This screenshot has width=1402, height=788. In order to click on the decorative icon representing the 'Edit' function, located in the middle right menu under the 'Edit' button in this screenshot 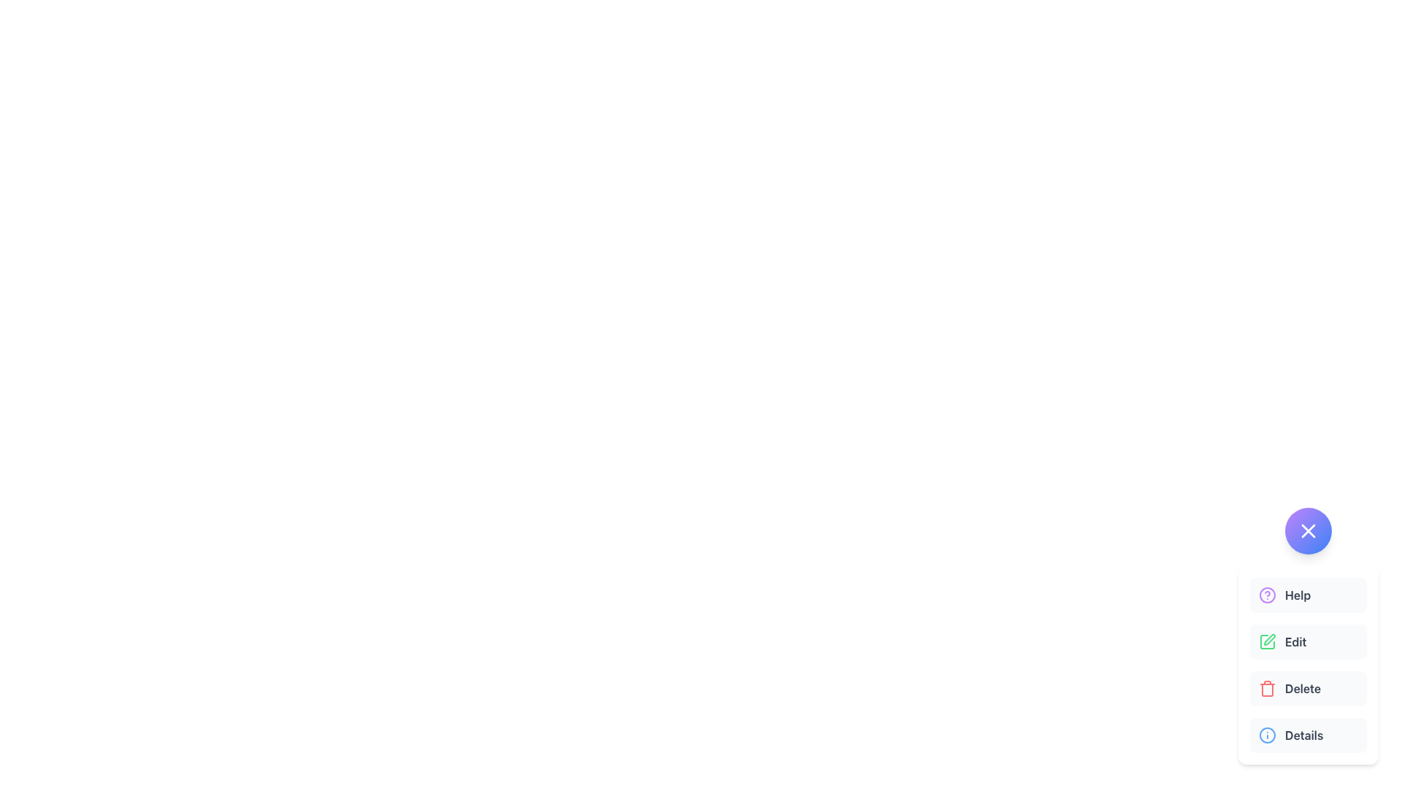, I will do `click(1268, 638)`.